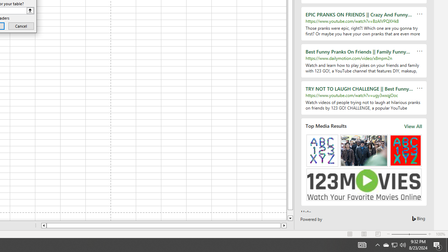 This screenshot has width=448, height=252. What do you see at coordinates (290, 212) in the screenshot?
I see `'Page down'` at bounding box center [290, 212].